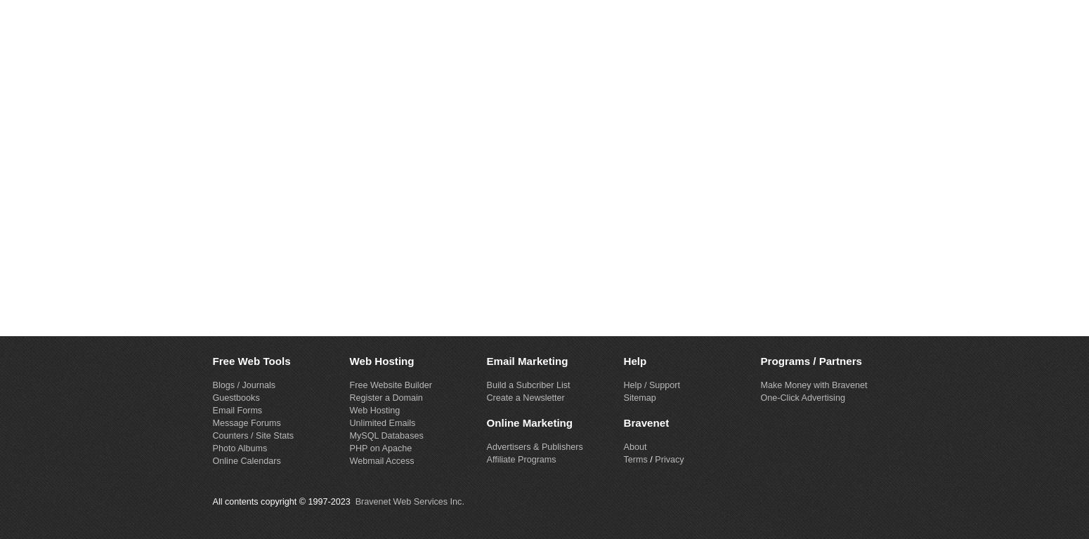 Image resolution: width=1089 pixels, height=539 pixels. What do you see at coordinates (534, 446) in the screenshot?
I see `'Advertisers & Publishers'` at bounding box center [534, 446].